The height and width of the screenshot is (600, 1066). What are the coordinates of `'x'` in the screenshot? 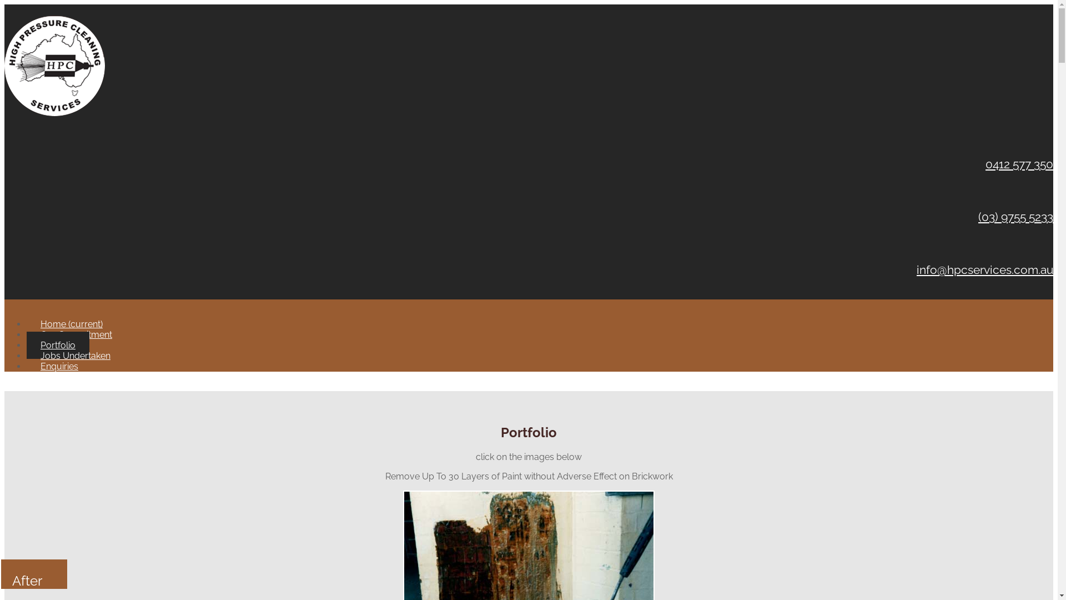 It's located at (7, 385).